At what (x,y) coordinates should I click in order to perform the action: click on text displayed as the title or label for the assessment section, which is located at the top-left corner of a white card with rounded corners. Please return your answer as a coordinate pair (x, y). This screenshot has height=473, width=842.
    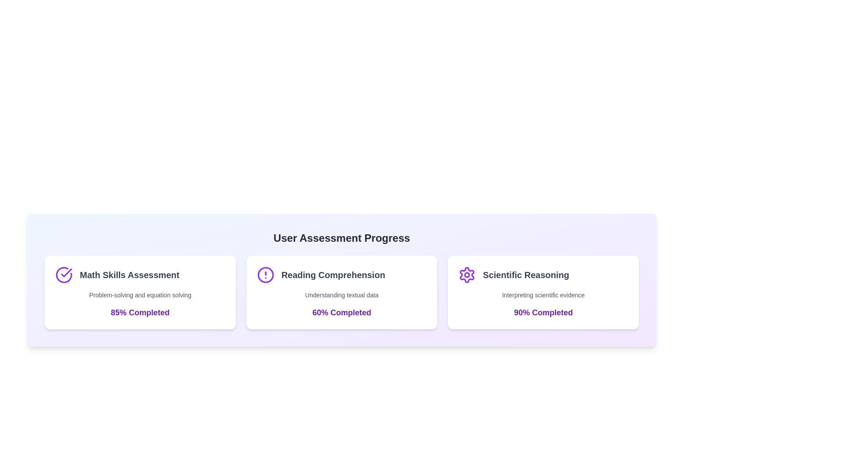
    Looking at the image, I should click on (139, 275).